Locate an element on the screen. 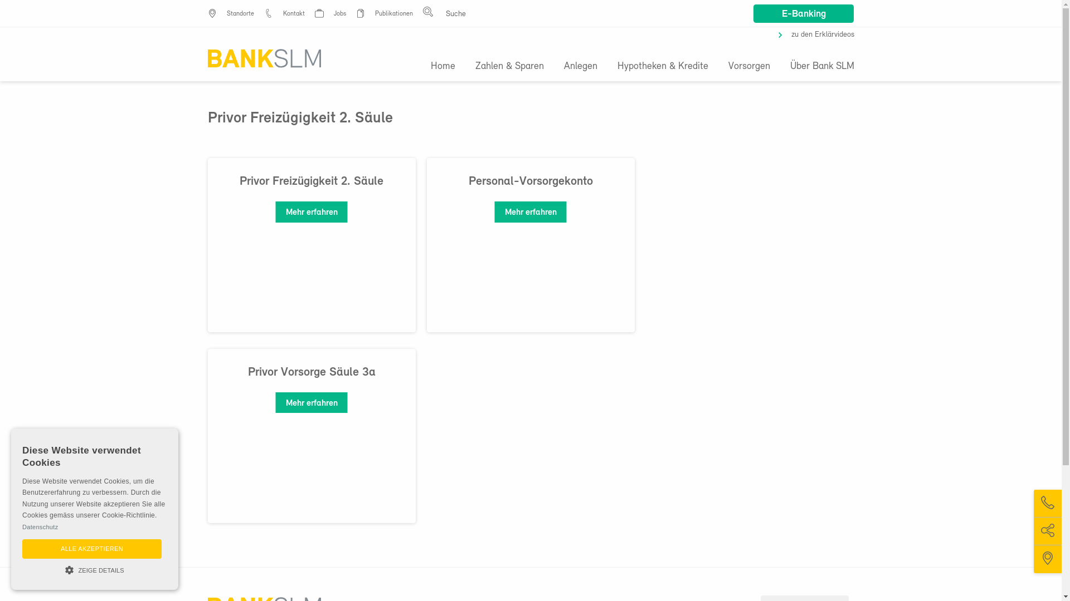 This screenshot has height=601, width=1070. 'Kontakt' is located at coordinates (283, 13).